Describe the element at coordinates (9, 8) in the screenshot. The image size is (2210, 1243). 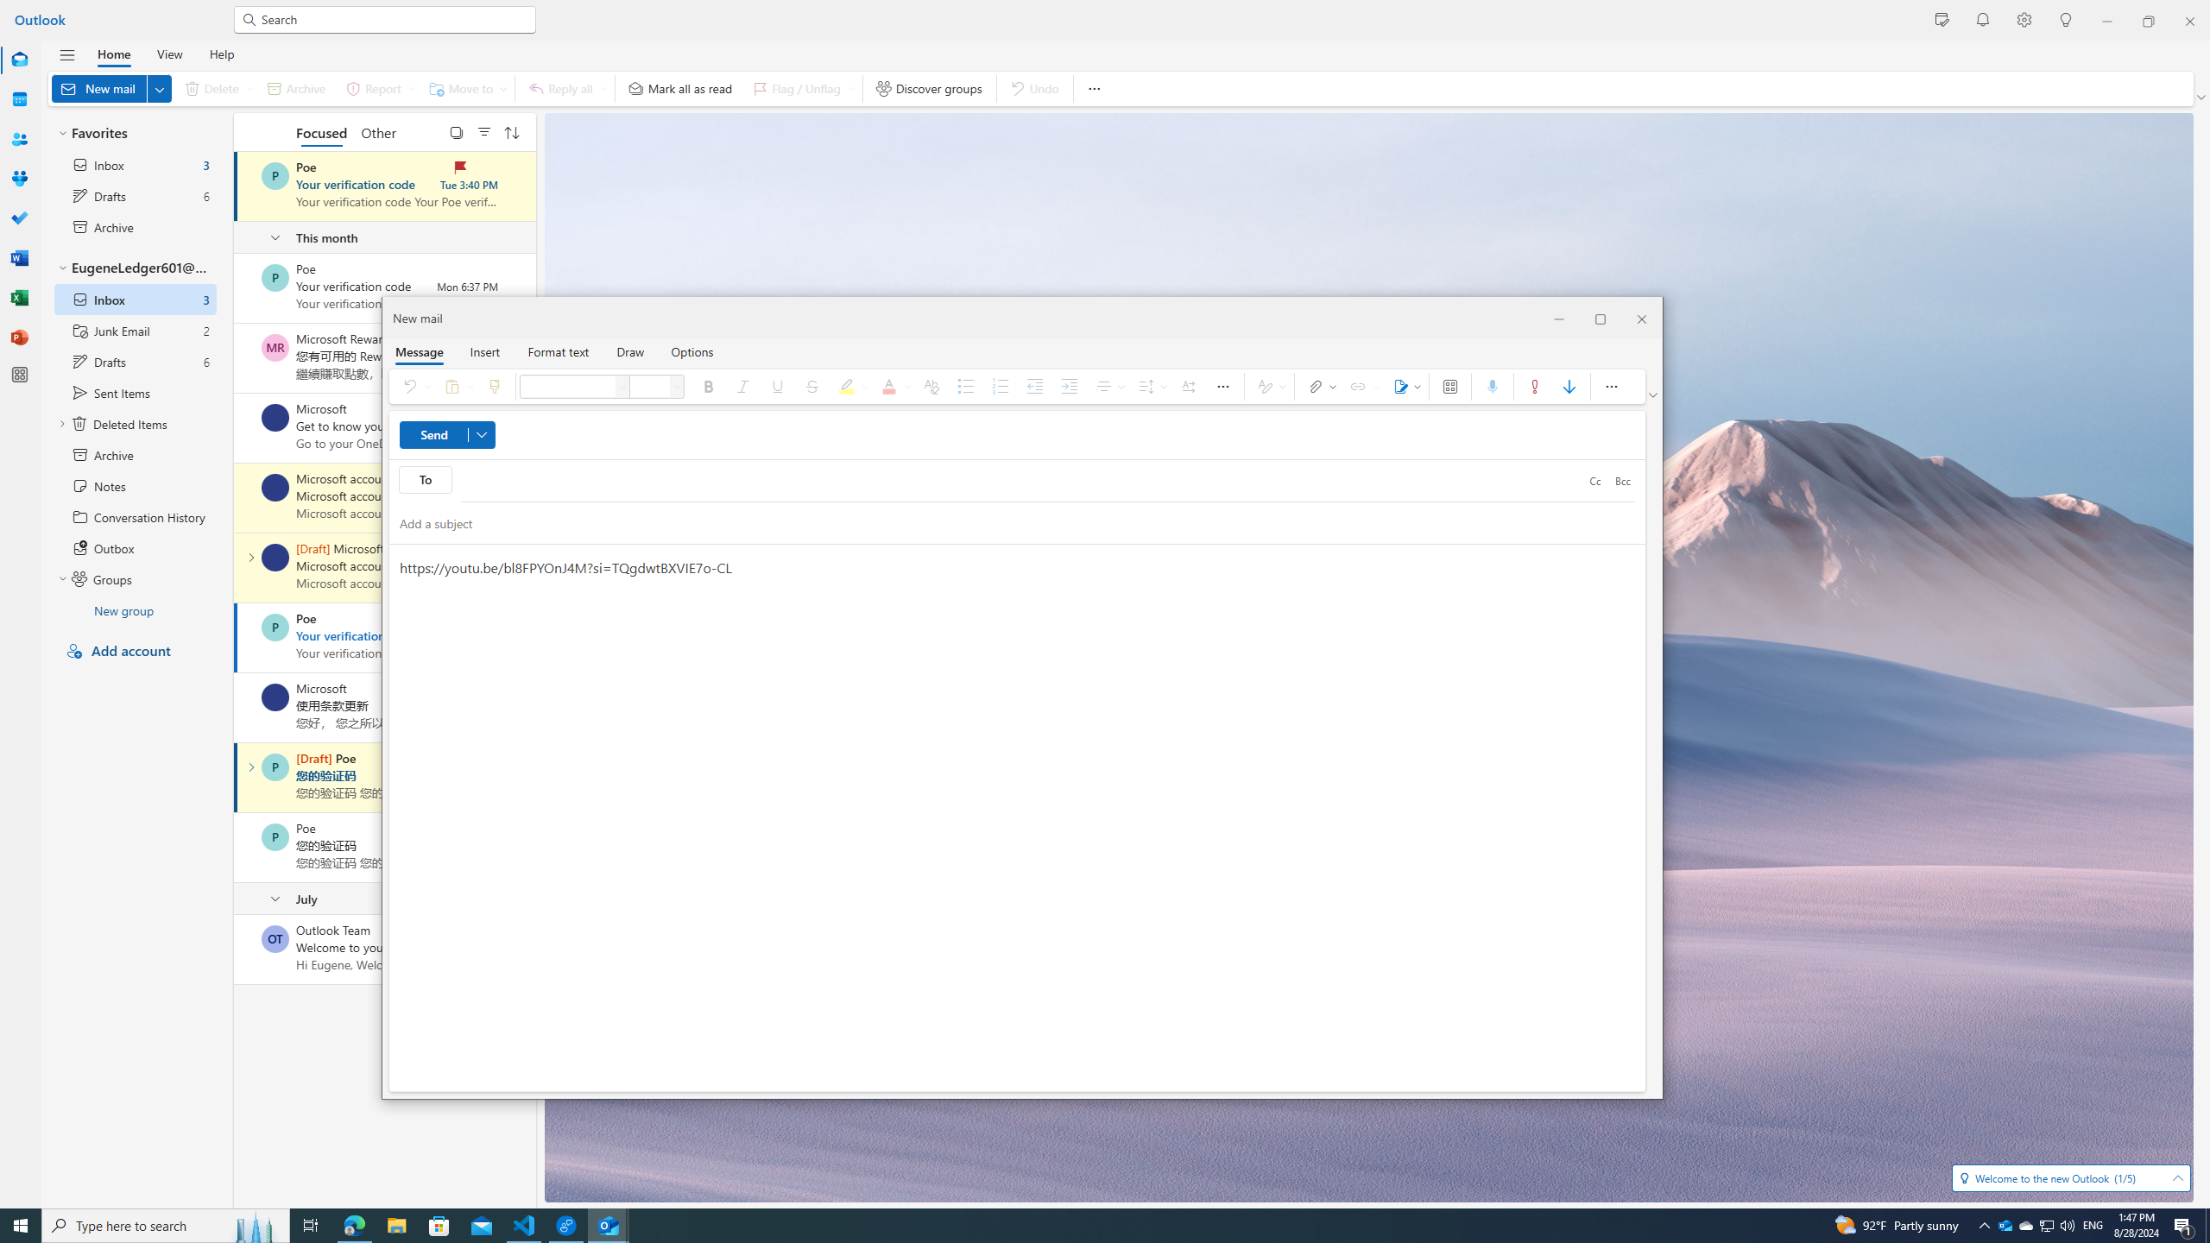
I see `'System'` at that location.